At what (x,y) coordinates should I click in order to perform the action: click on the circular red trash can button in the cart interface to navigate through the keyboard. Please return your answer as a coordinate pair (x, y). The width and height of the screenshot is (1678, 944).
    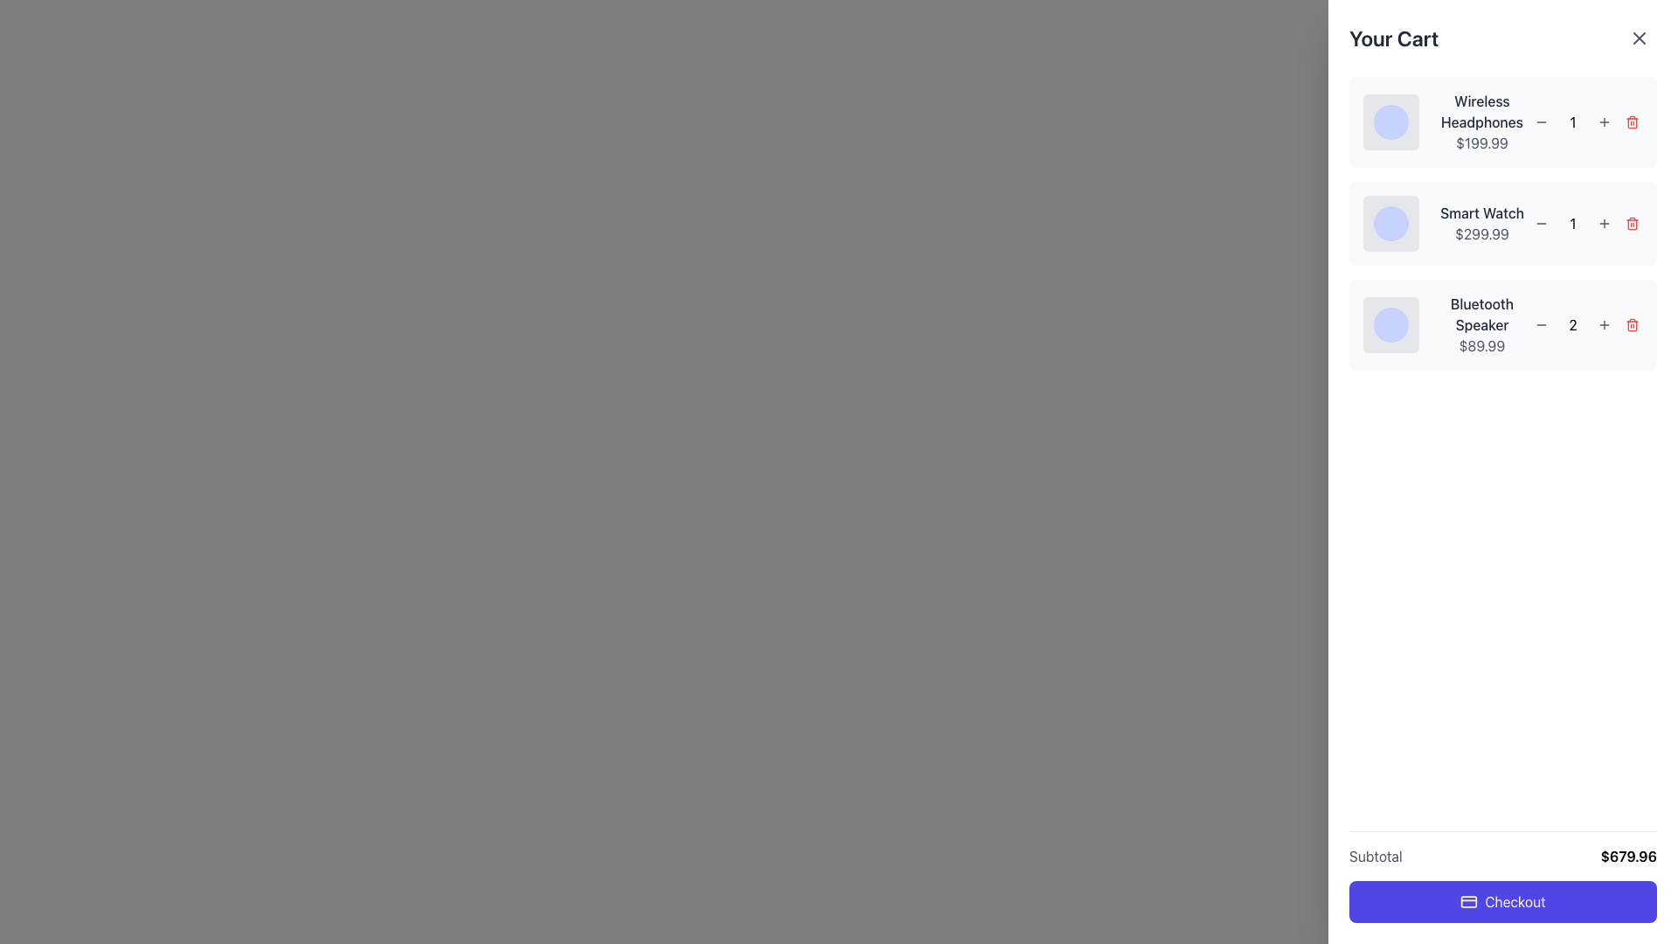
    Looking at the image, I should click on (1631, 222).